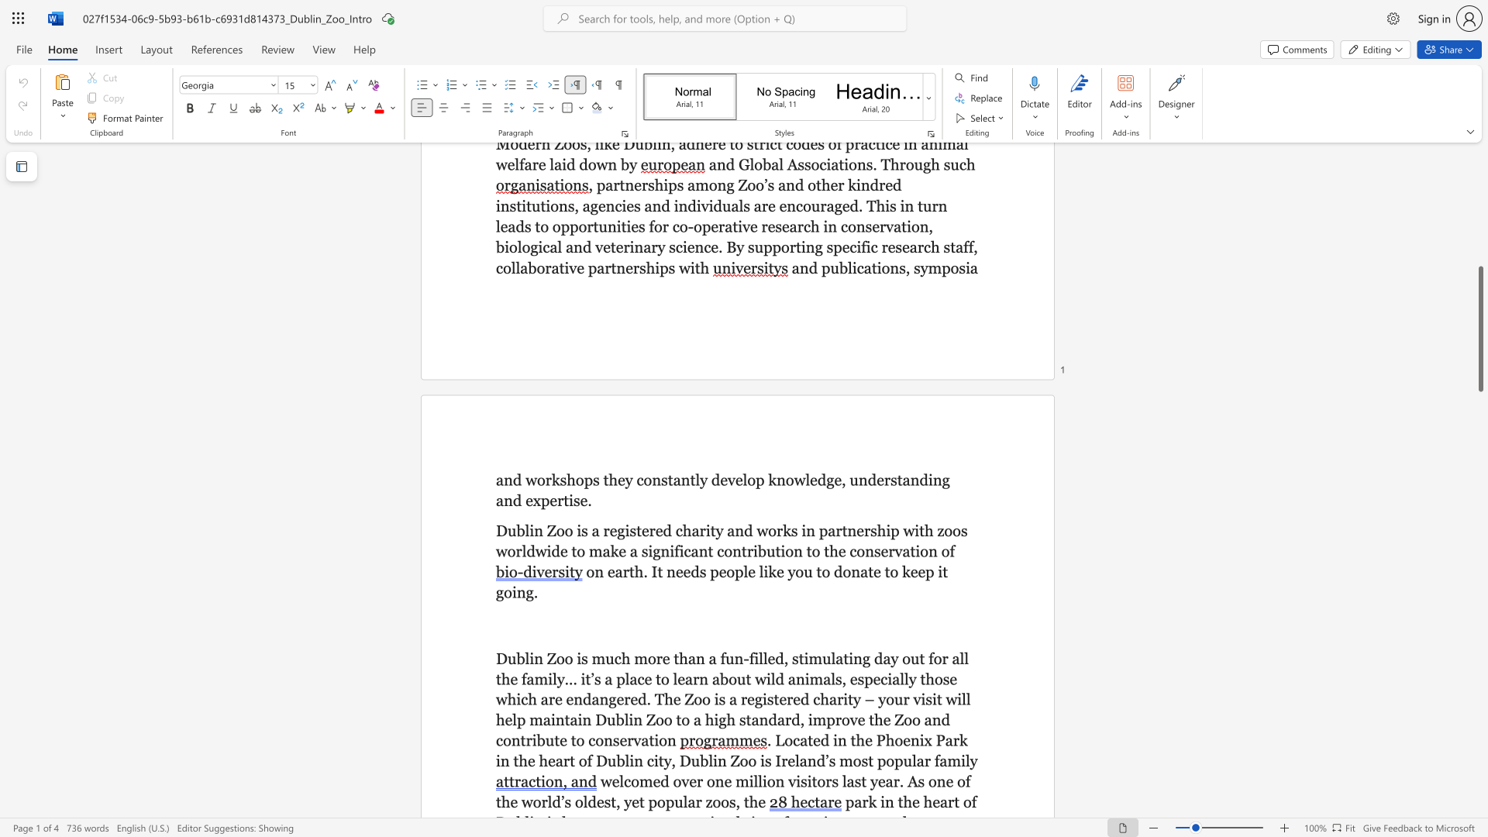  Describe the element at coordinates (792, 658) in the screenshot. I see `the subset text "st" within the text "Dublin Zoo is much more than a fun-filled, stimulating day out for all the family..."` at that location.